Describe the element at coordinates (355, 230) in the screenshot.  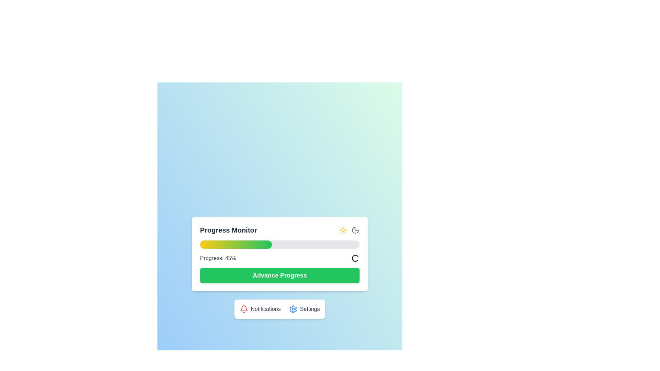
I see `the crescent moon icon` at that location.